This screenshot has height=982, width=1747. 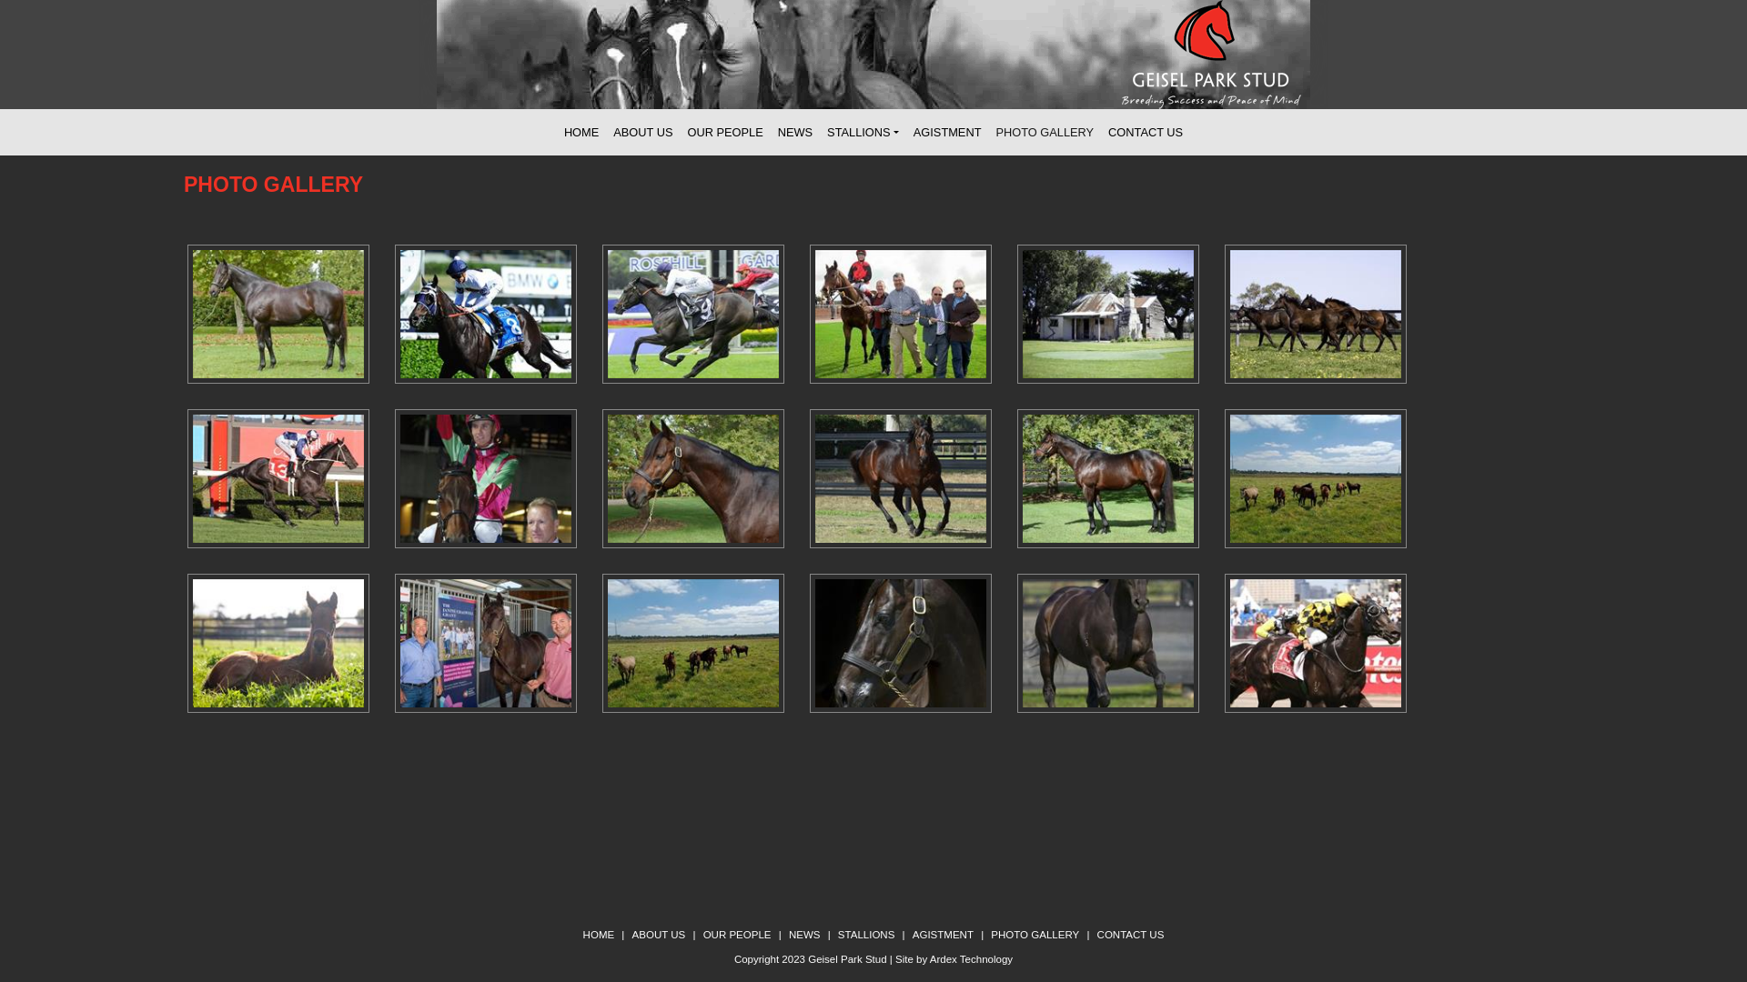 I want to click on 'ABOUT US', so click(x=658, y=935).